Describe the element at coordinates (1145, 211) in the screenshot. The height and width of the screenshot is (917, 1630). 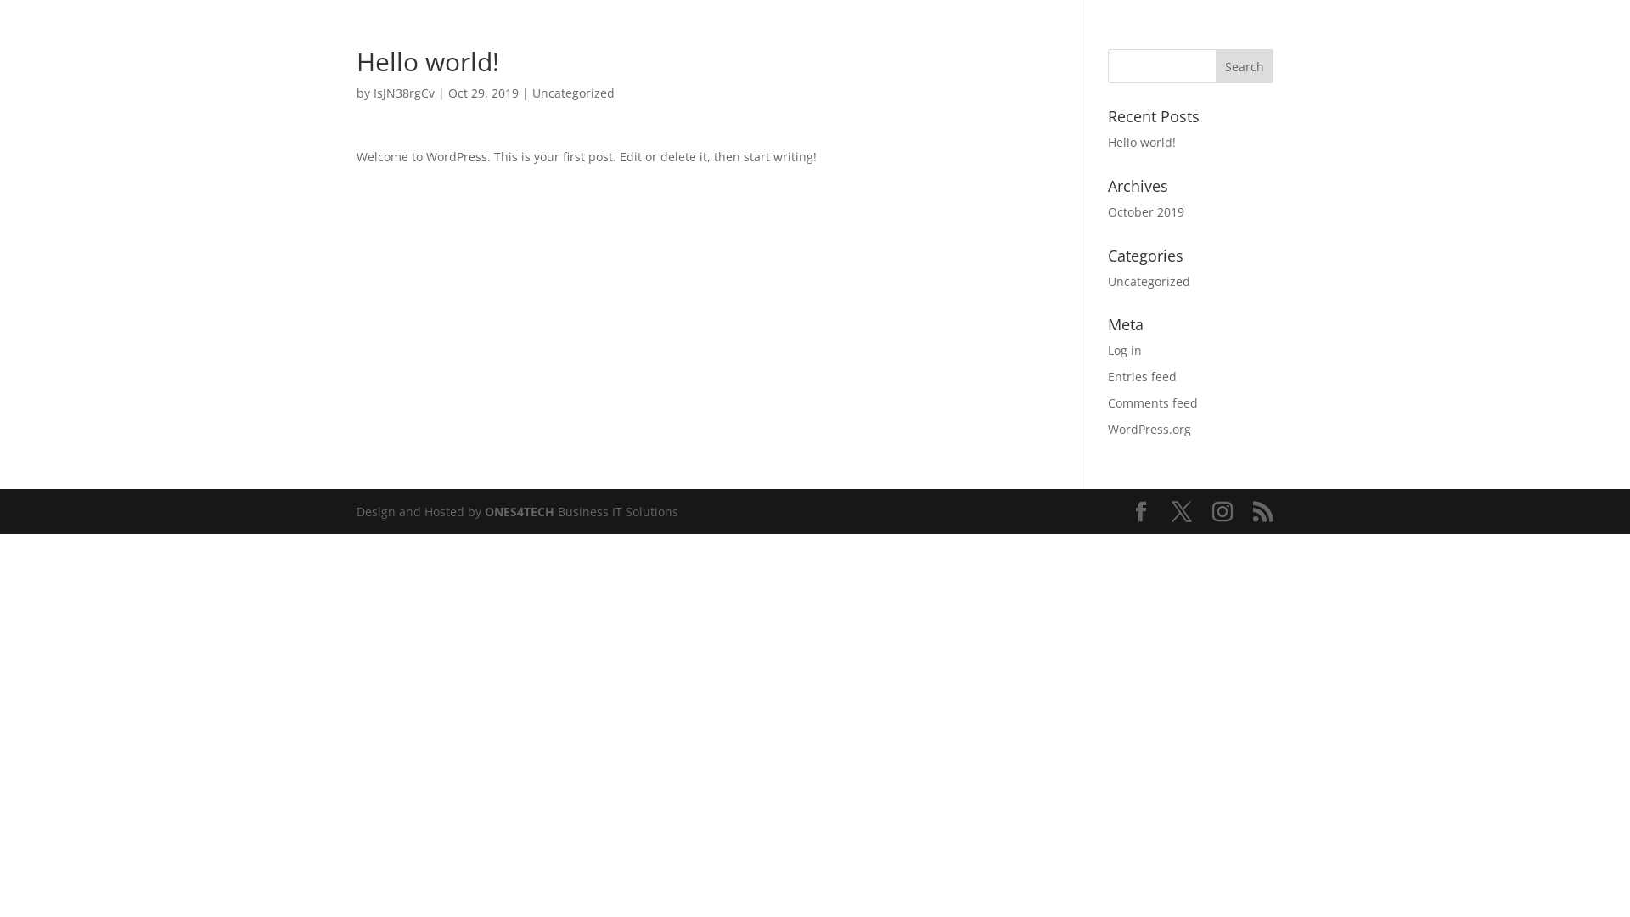
I see `'October 2019'` at that location.